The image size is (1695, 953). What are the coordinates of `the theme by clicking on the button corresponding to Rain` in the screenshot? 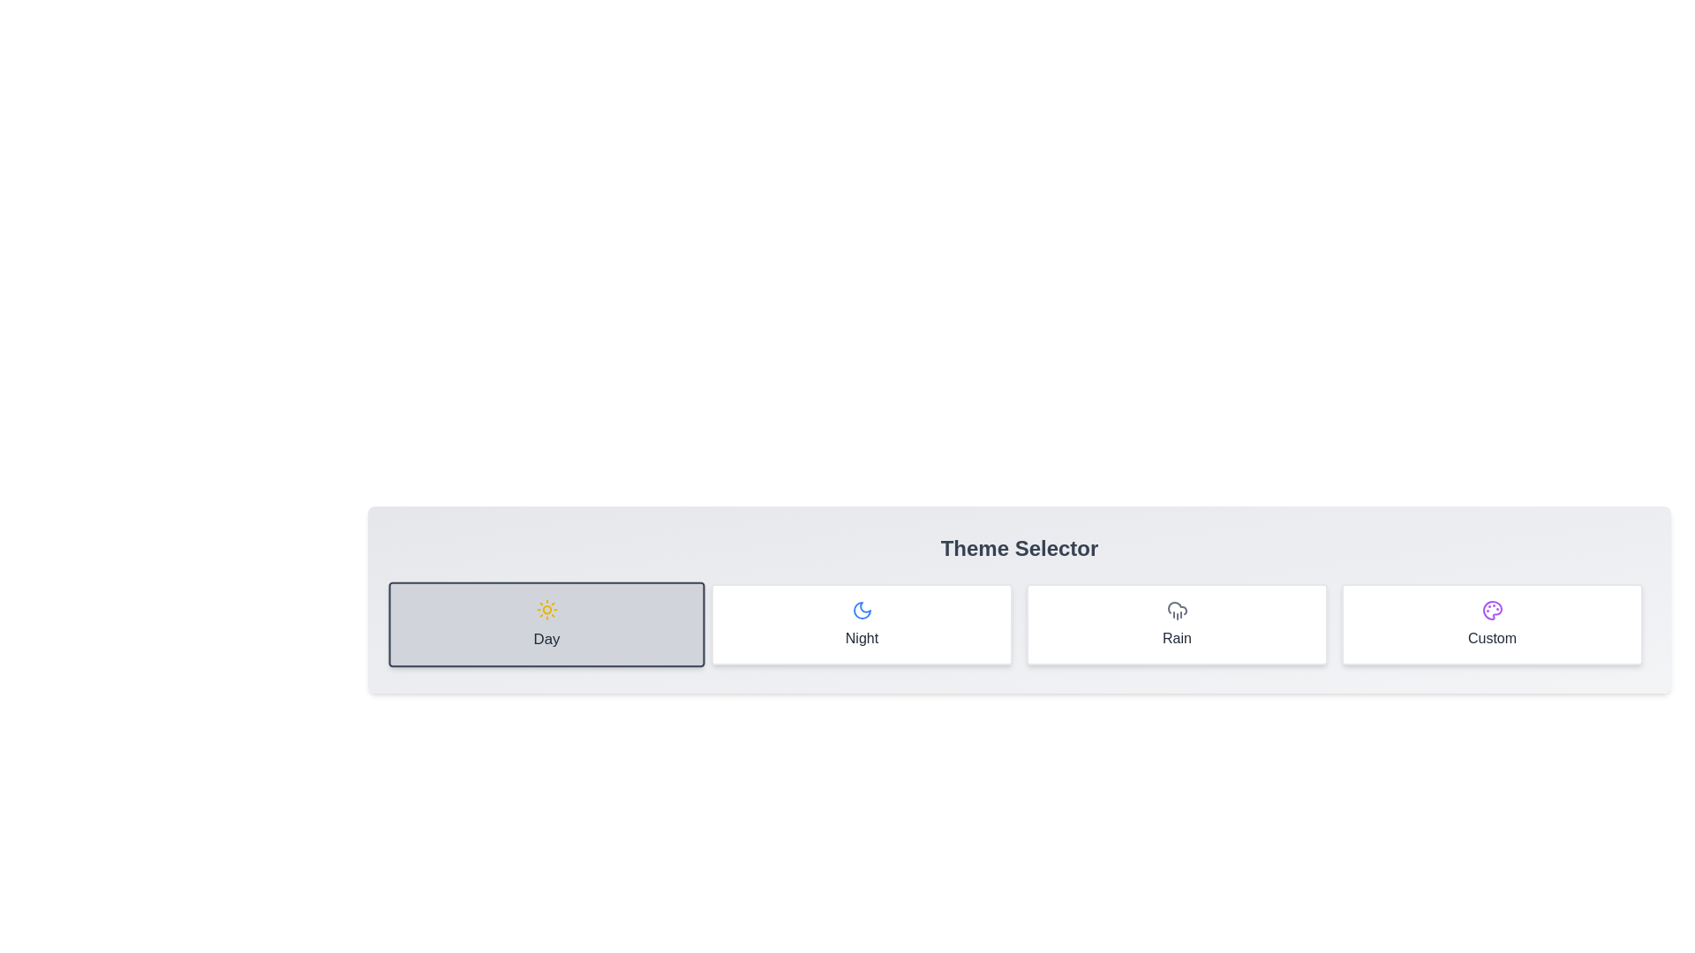 It's located at (1177, 624).